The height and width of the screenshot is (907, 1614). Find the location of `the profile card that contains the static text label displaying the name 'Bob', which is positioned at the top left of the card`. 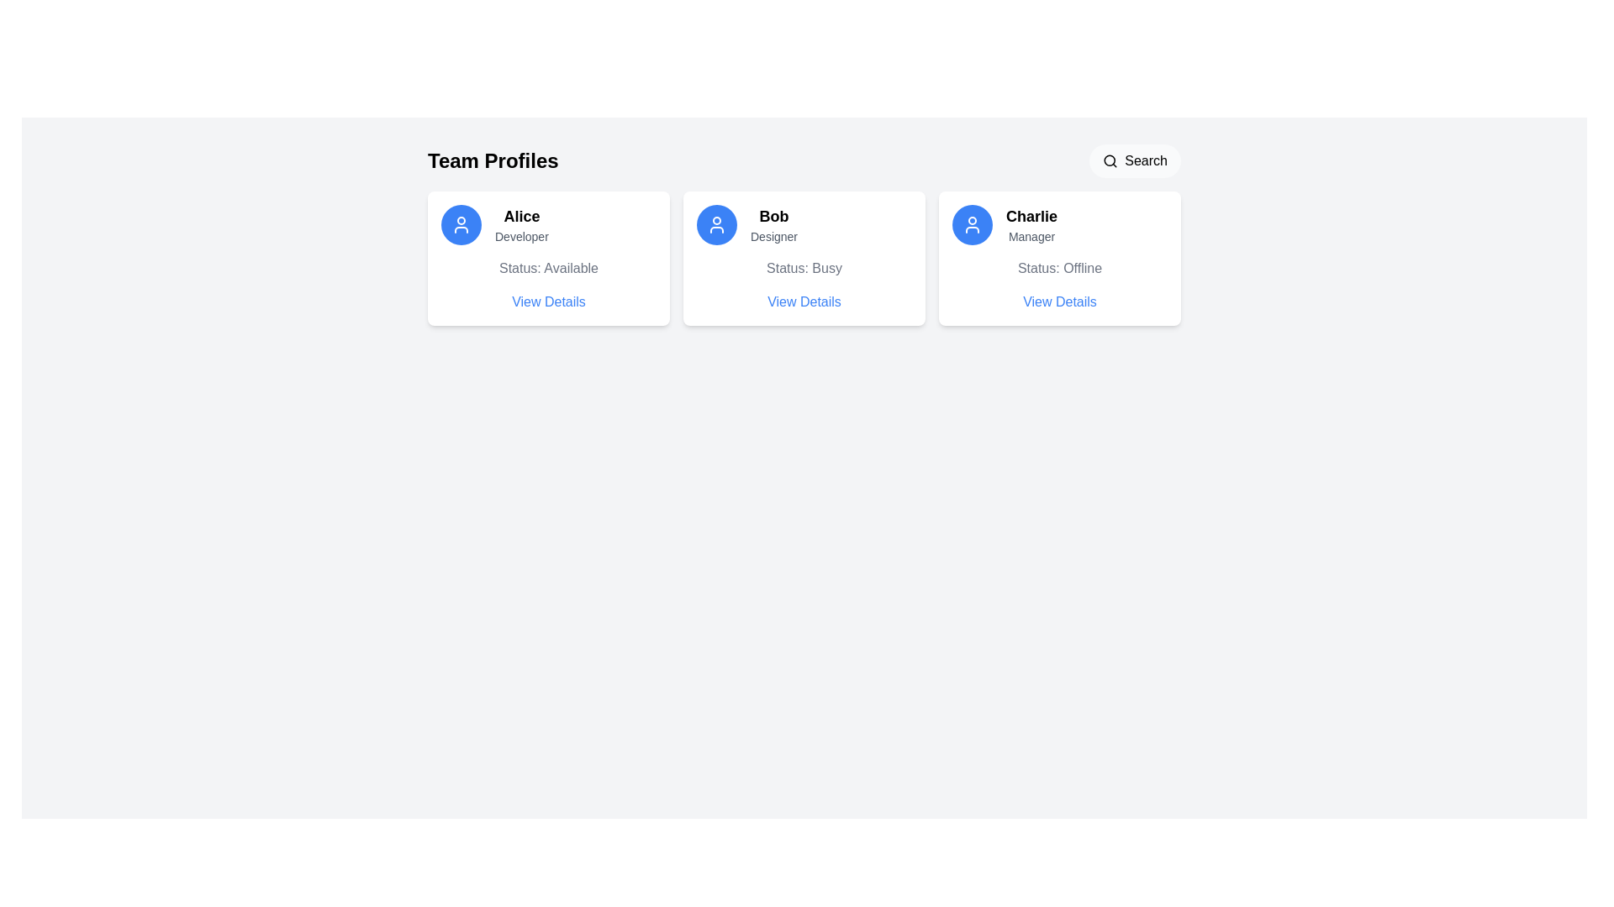

the profile card that contains the static text label displaying the name 'Bob', which is positioned at the top left of the card is located at coordinates (773, 216).